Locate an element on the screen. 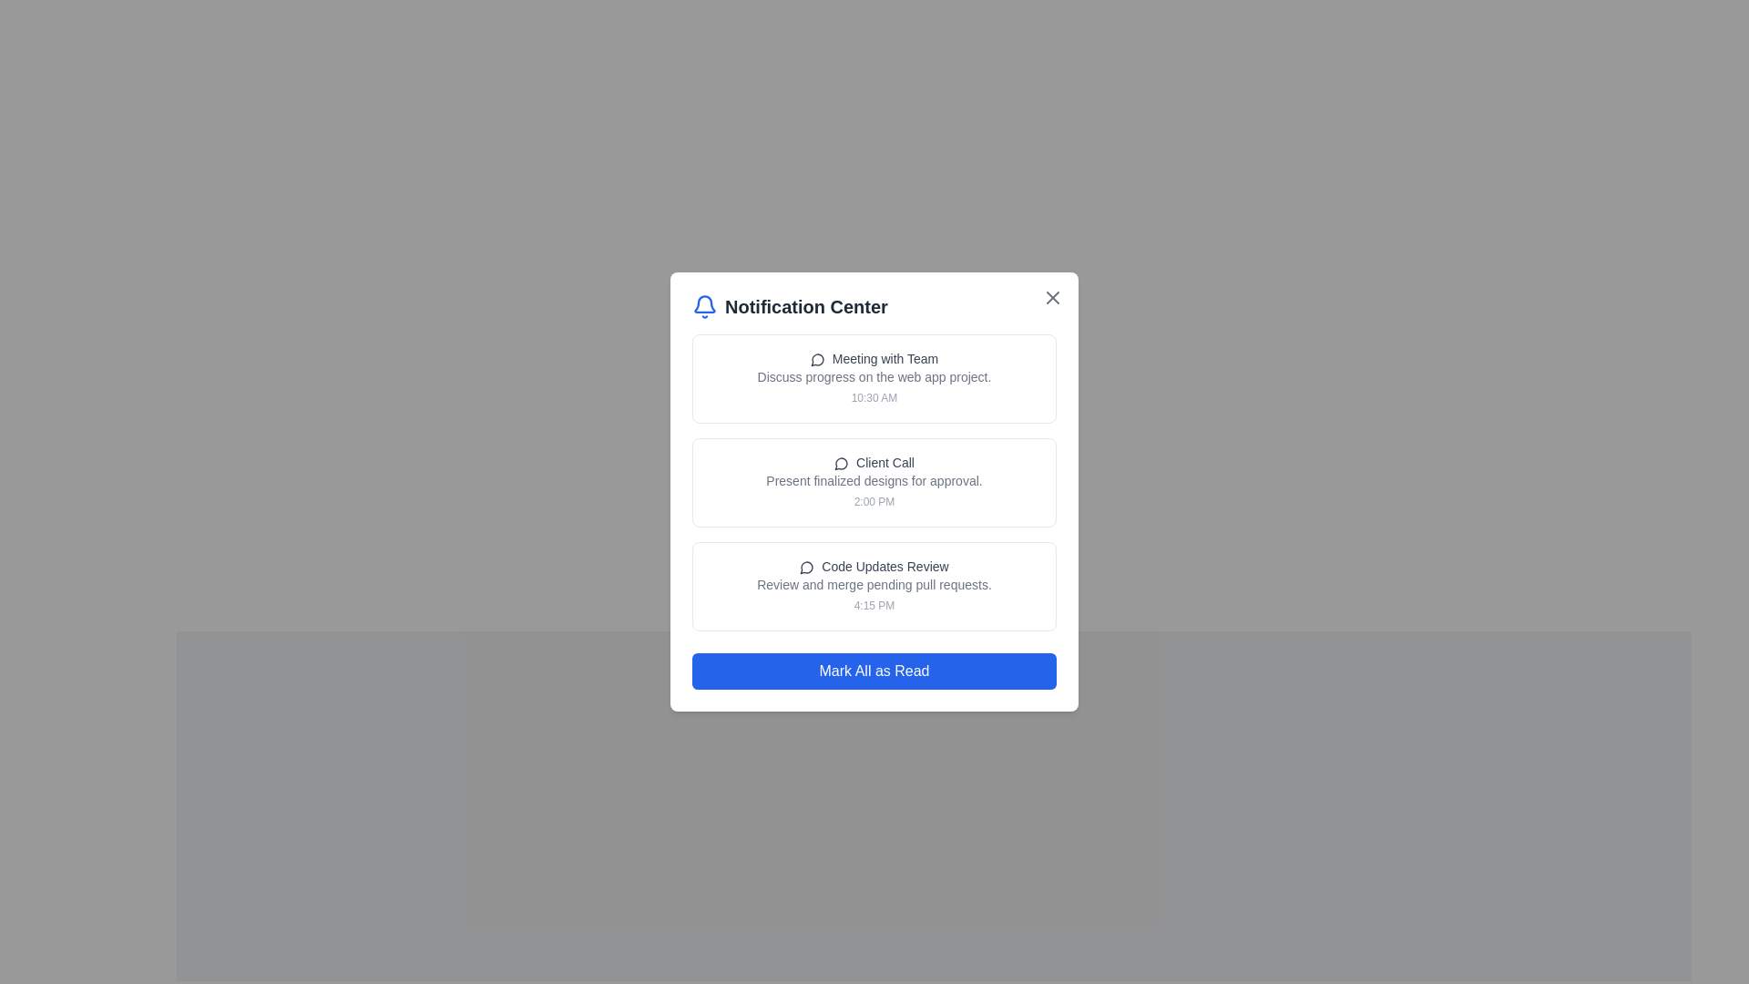 The image size is (1749, 984). the Notification card titled 'Client Call' that contains a description about presenting finalized designs, positioned in the Notification Center modal is located at coordinates (874, 481).